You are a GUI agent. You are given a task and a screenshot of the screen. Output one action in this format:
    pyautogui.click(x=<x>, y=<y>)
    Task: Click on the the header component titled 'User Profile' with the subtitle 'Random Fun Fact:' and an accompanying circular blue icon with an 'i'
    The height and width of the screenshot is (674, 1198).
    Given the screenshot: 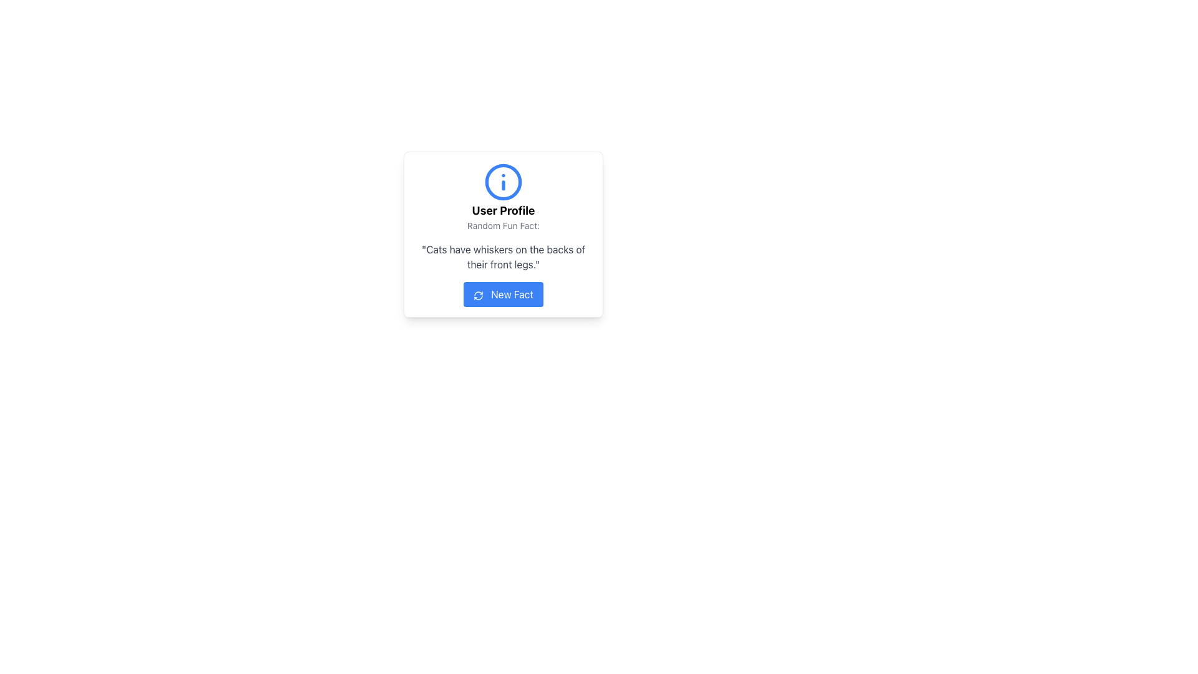 What is the action you would take?
    pyautogui.click(x=503, y=197)
    